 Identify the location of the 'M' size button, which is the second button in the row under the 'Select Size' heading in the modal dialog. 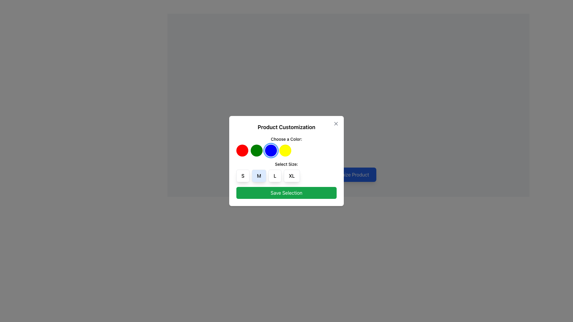
(259, 176).